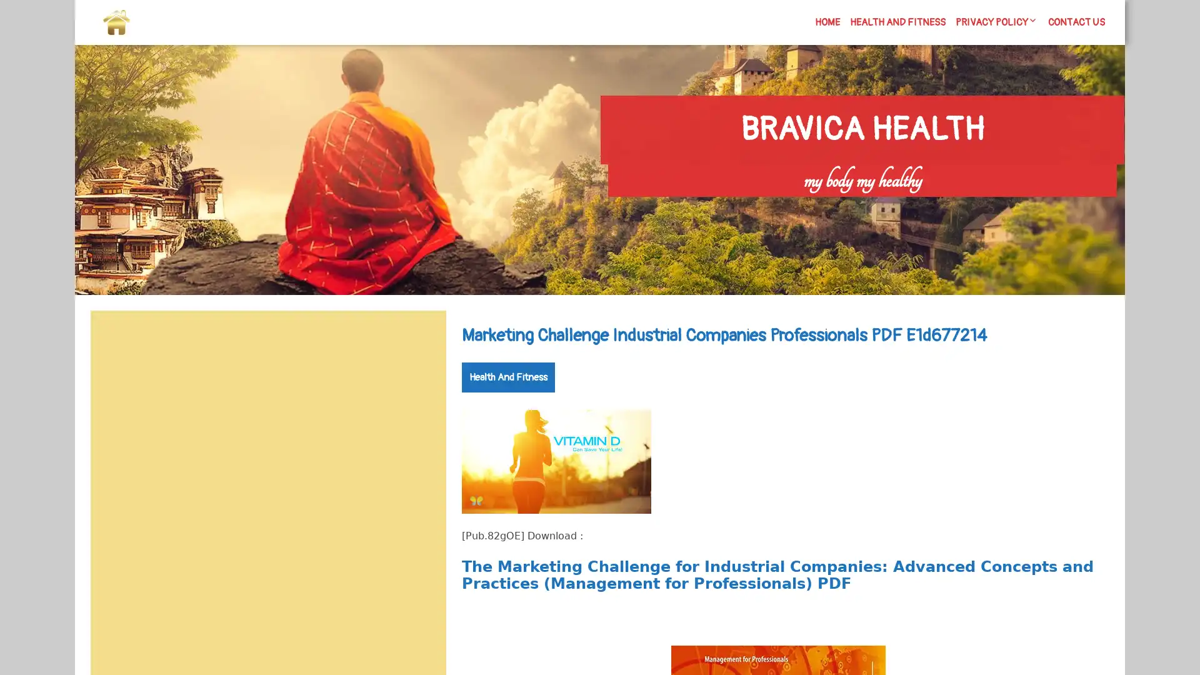  Describe the element at coordinates (973, 204) in the screenshot. I see `Search` at that location.